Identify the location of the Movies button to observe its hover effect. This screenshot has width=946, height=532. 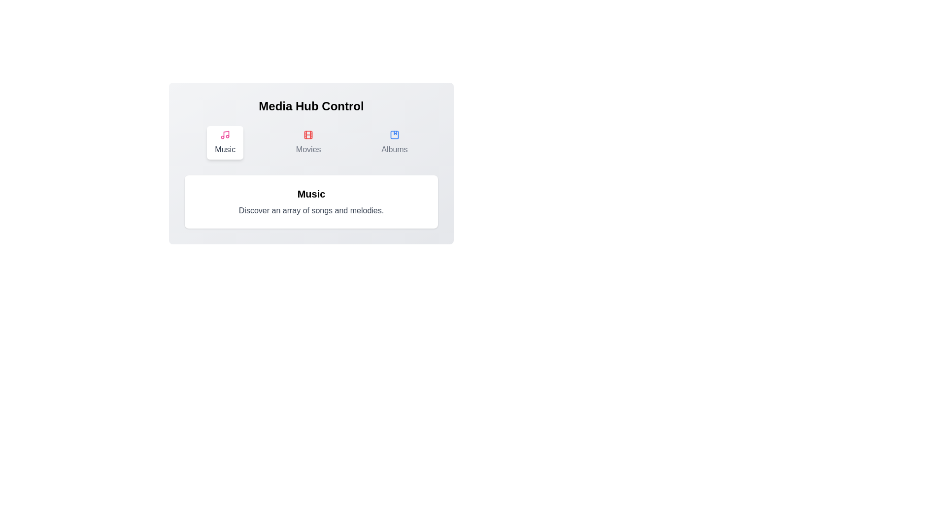
(307, 142).